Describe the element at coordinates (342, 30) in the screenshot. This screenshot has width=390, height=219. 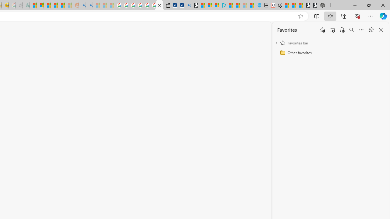
I see `'Restore deleted favorites'` at that location.